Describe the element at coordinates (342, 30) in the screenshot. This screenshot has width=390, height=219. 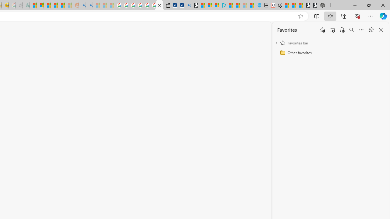
I see `'Restore deleted favorites'` at that location.